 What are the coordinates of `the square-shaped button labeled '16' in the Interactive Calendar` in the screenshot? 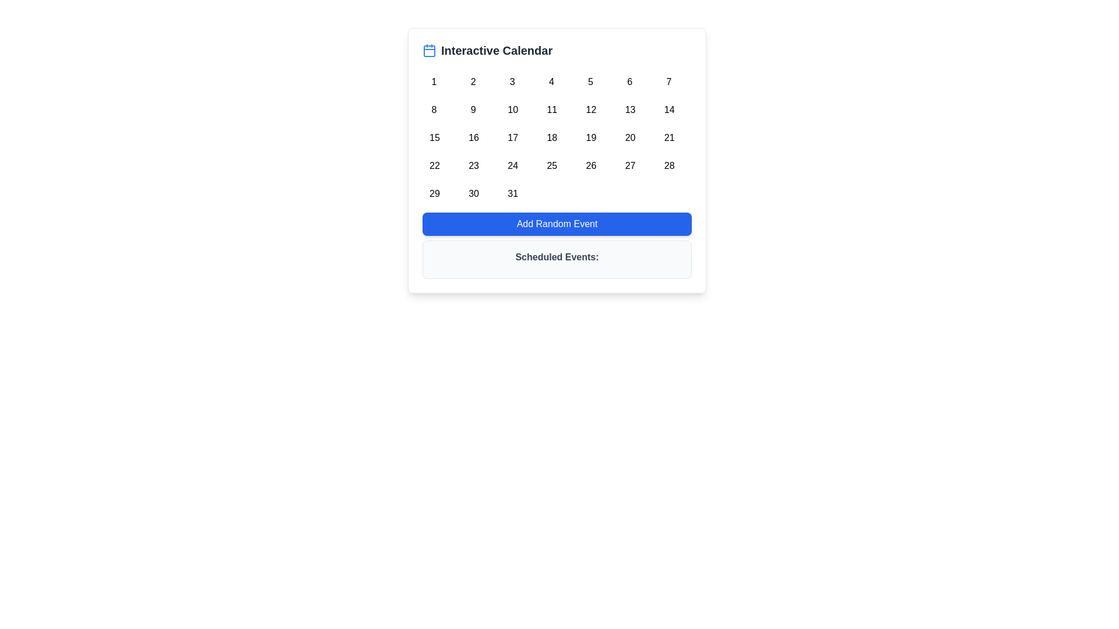 It's located at (473, 135).